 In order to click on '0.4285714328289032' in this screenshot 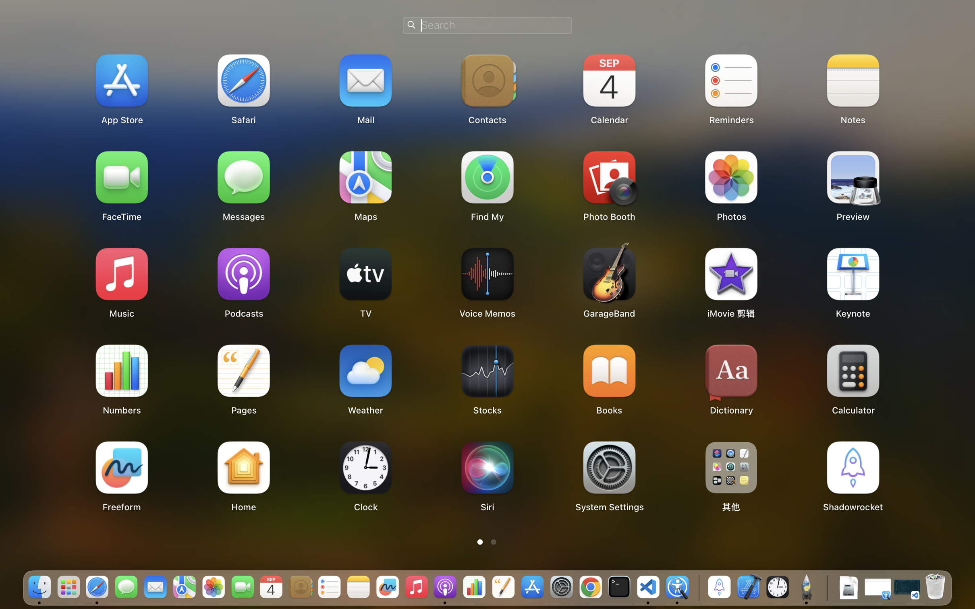, I will do `click(697, 587)`.